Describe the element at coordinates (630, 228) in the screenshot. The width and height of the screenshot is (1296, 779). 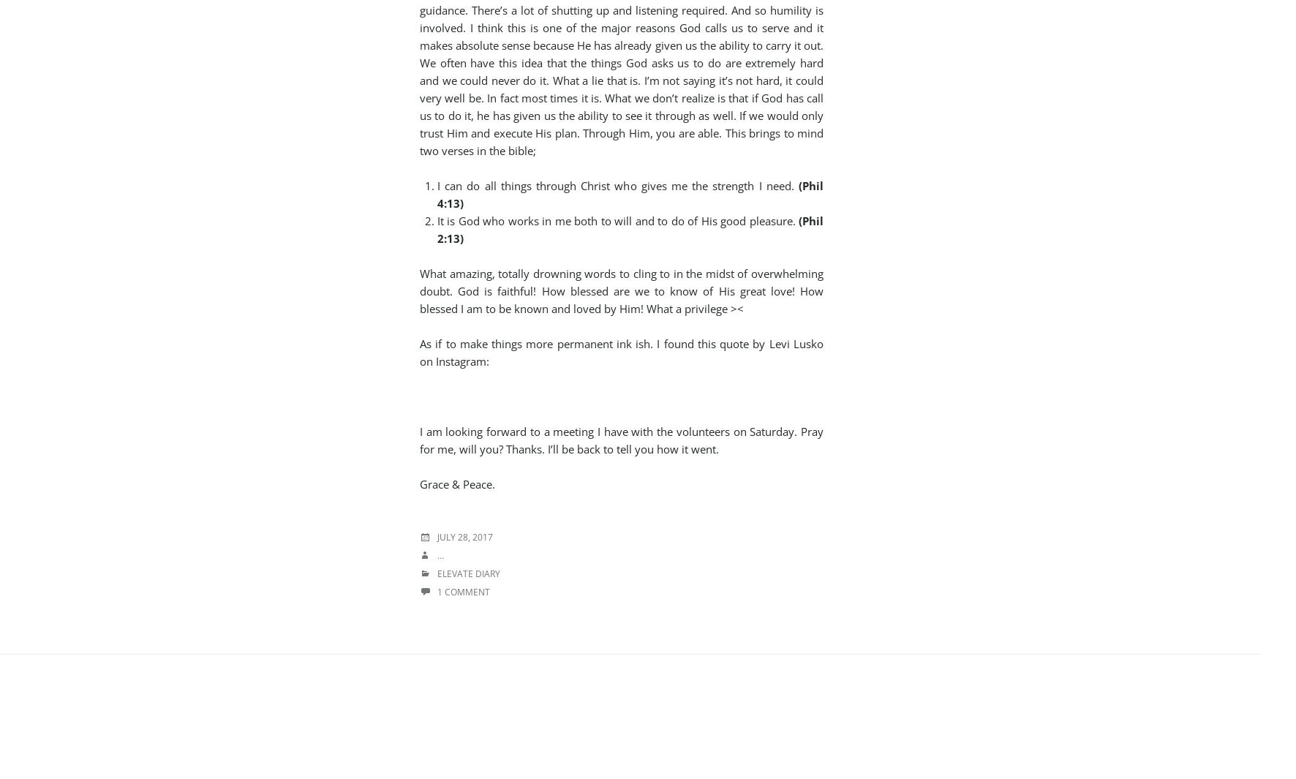
I see `'(Phil 2:13)'` at that location.